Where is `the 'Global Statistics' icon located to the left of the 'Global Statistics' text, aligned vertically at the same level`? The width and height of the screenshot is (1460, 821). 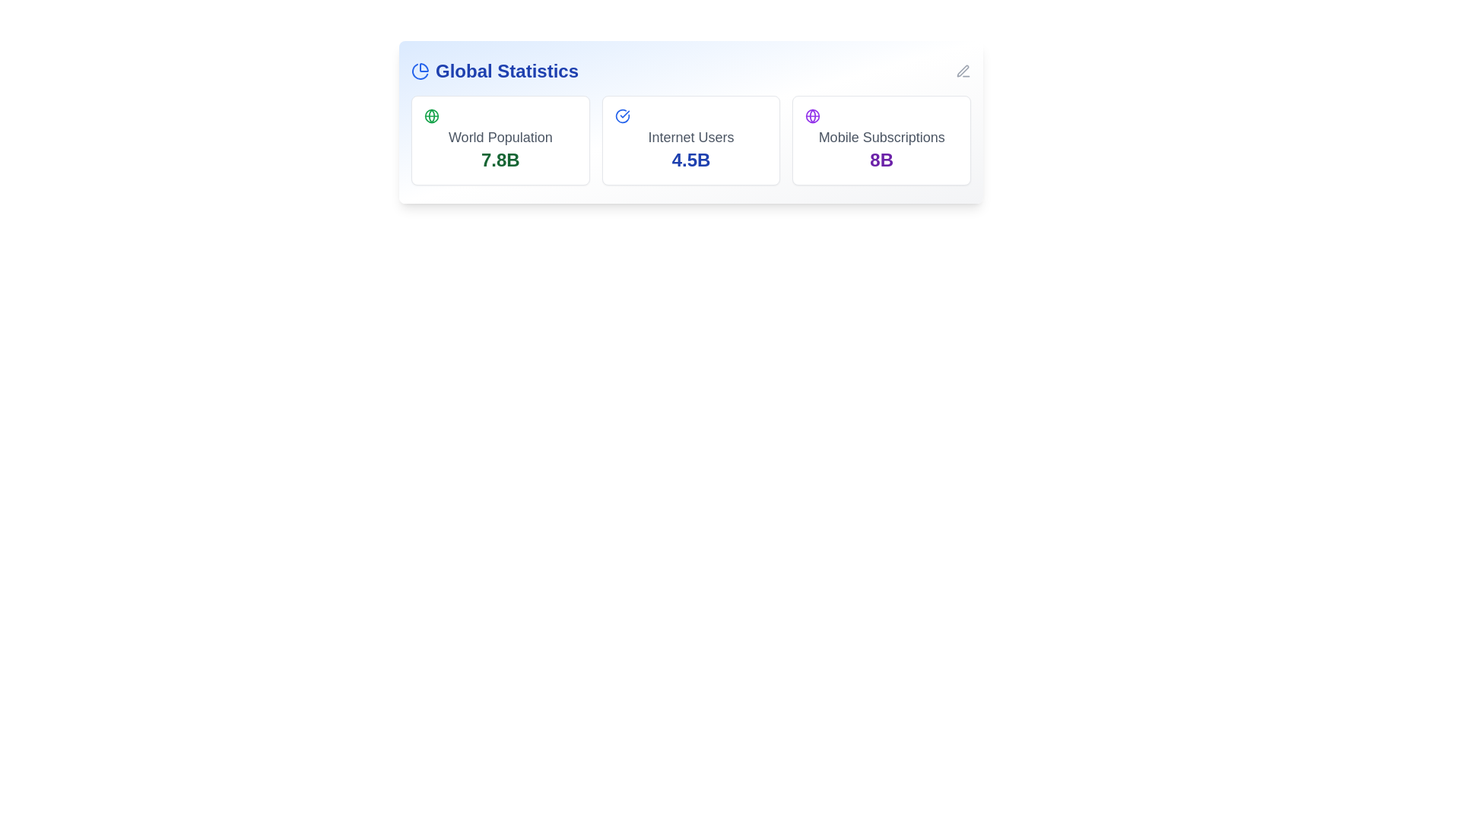
the 'Global Statistics' icon located to the left of the 'Global Statistics' text, aligned vertically at the same level is located at coordinates (420, 71).